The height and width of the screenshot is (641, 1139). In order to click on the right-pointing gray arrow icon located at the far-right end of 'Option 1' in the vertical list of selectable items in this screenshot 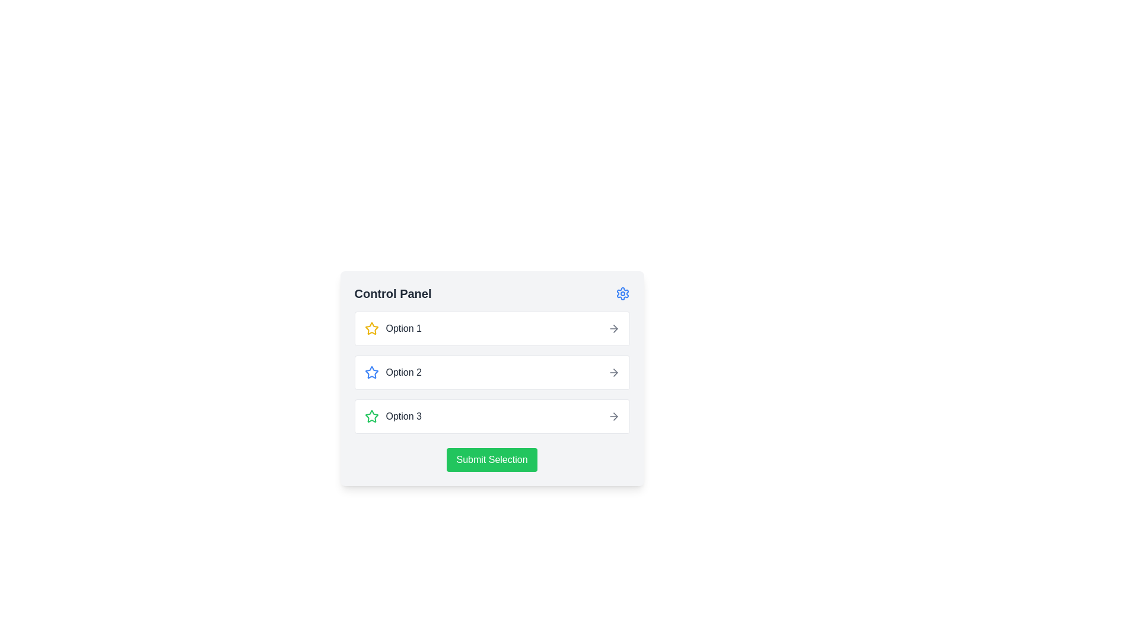, I will do `click(613, 329)`.